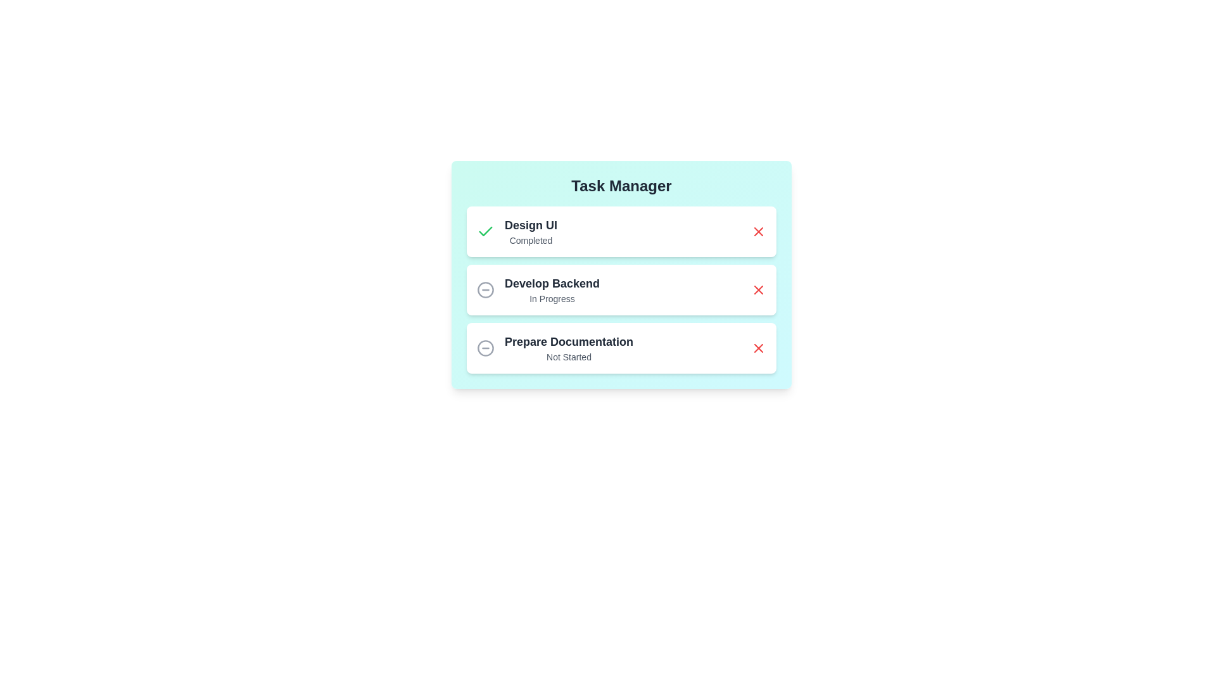 The width and height of the screenshot is (1216, 684). I want to click on the 'X' button associated with the task titled 'Design UI' to remove it from the list, so click(759, 232).